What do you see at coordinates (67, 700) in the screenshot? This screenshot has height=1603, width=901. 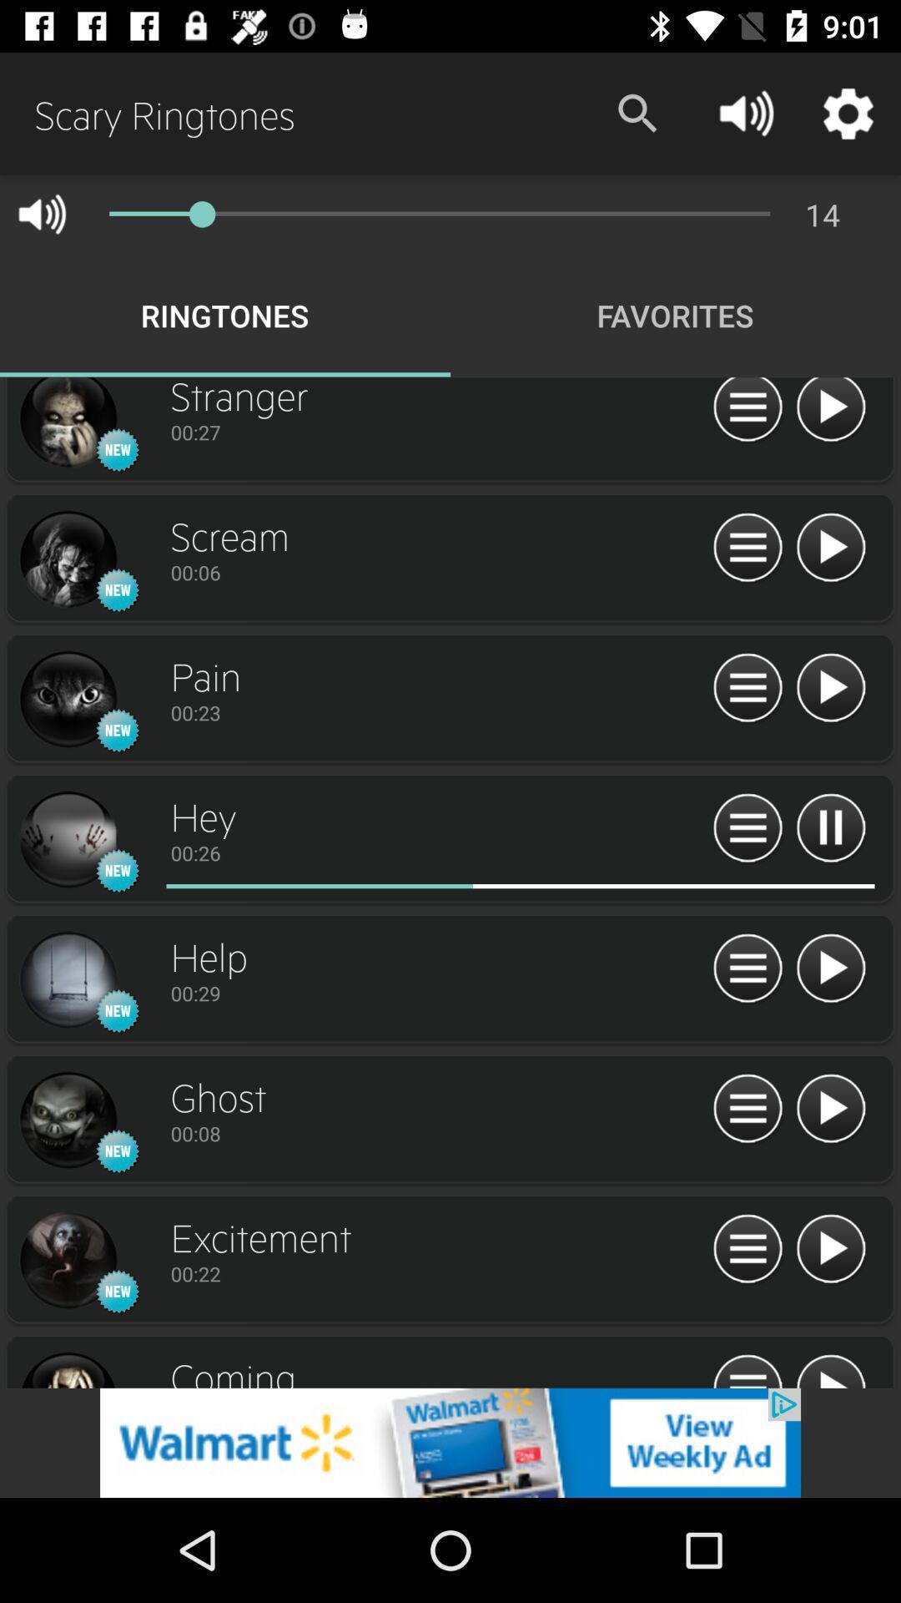 I see `line` at bounding box center [67, 700].